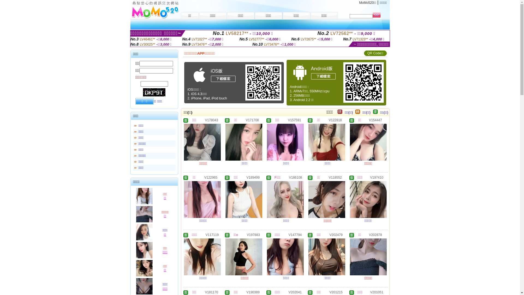  I want to click on 'V201215', so click(329, 291).